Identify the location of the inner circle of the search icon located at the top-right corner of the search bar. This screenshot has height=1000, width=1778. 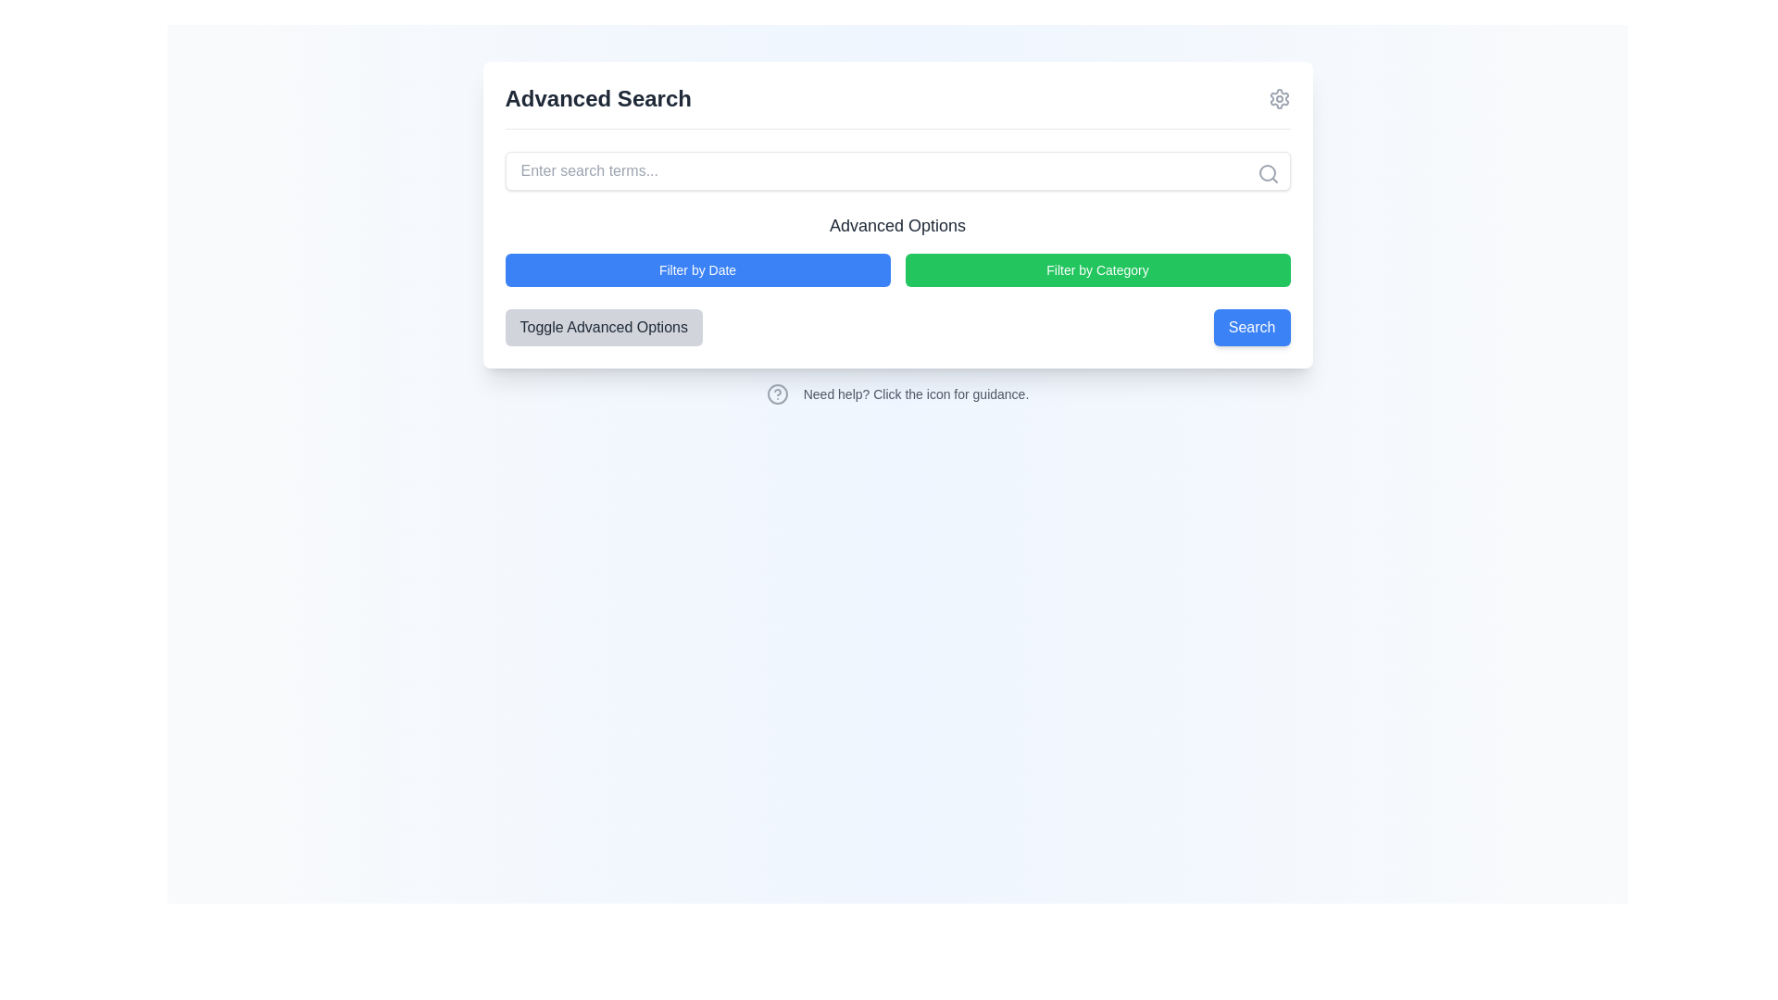
(1266, 172).